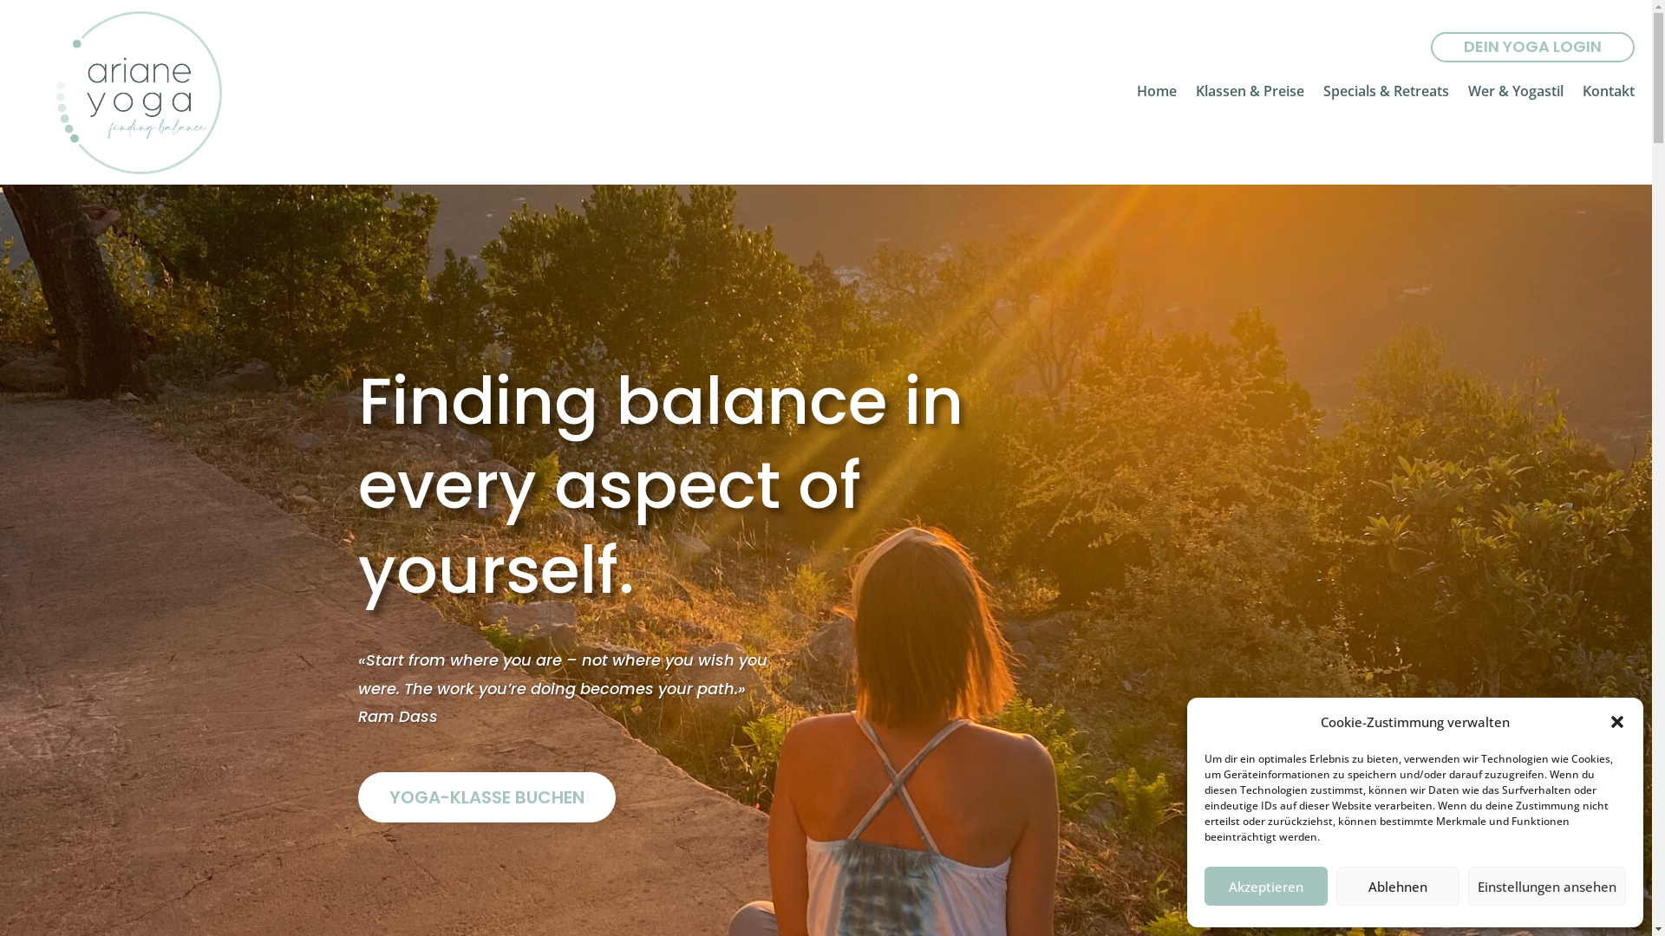 The image size is (1665, 936). I want to click on 'YOGA-KLASSE BUCHEN', so click(486, 797).